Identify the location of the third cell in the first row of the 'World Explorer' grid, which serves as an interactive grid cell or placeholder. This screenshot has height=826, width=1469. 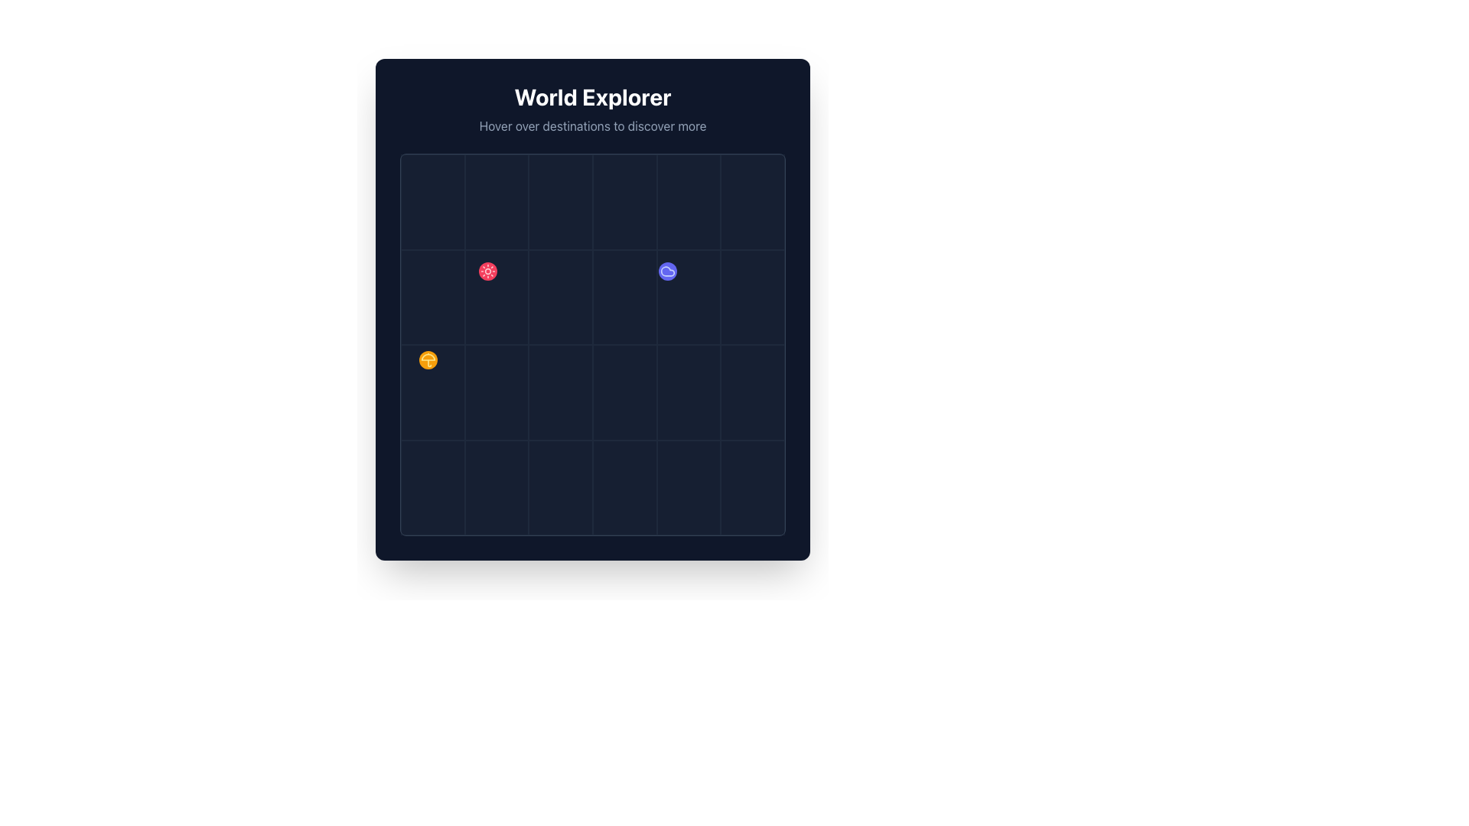
(560, 201).